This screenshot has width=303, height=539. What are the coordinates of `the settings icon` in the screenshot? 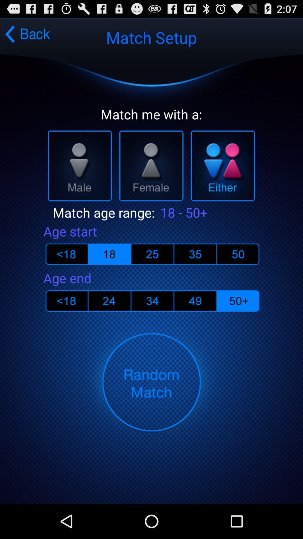 It's located at (240, 323).